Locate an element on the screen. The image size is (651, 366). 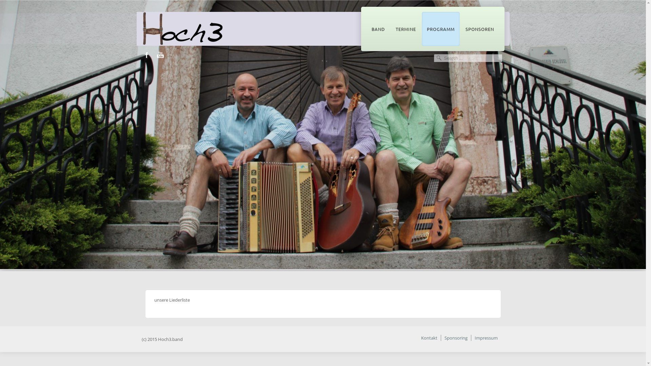
'TERMINE' is located at coordinates (406, 28).